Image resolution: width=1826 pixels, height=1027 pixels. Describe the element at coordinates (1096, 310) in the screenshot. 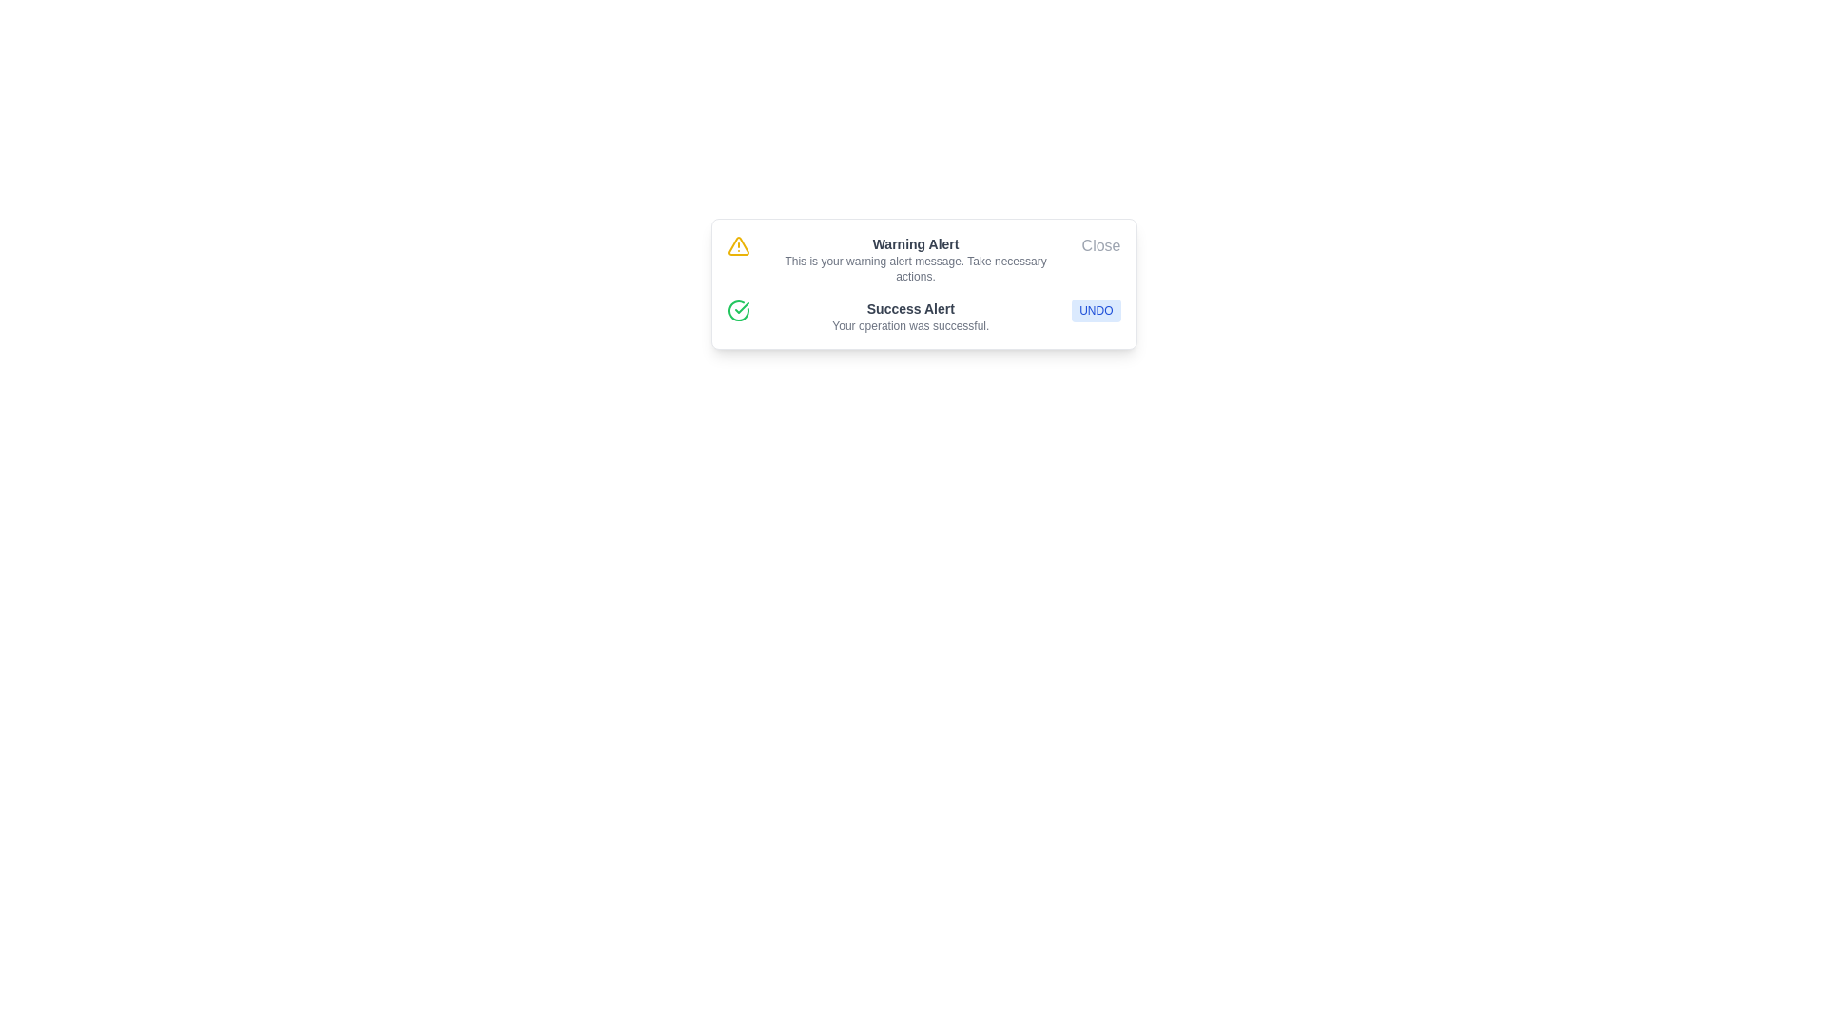

I see `the 'UNDO' button with a light blue background and dark blue text` at that location.